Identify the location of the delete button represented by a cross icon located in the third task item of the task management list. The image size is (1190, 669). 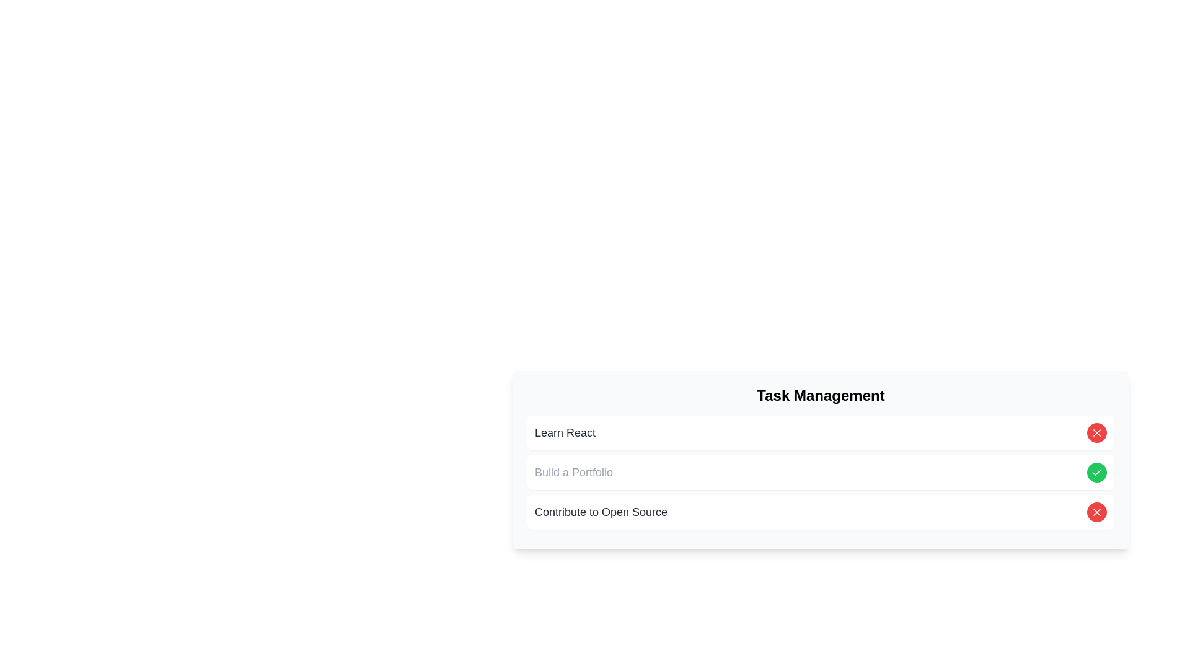
(1097, 432).